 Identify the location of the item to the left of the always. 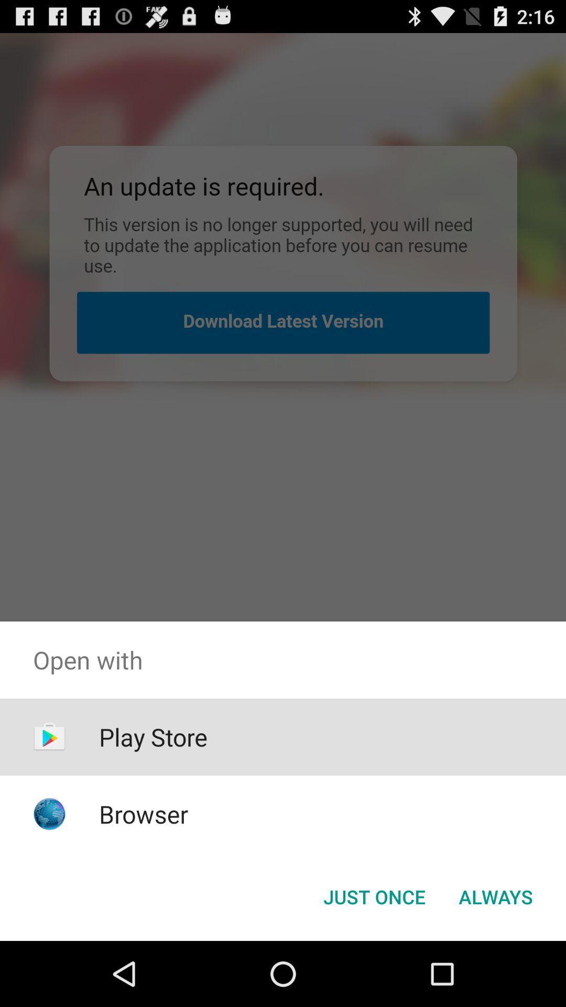
(374, 896).